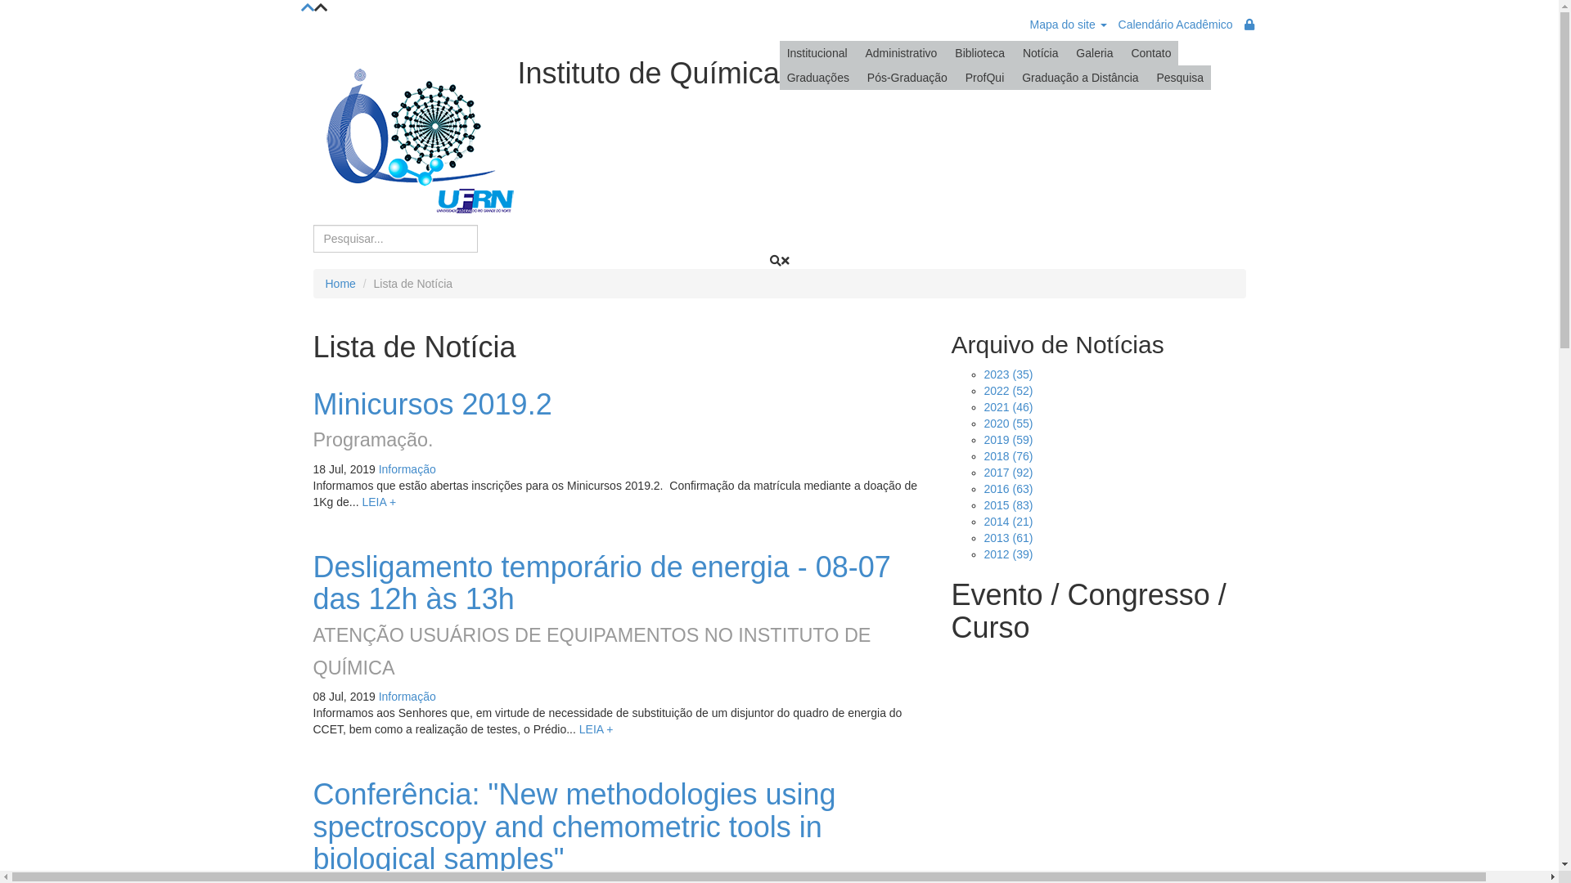 The height and width of the screenshot is (883, 1571). I want to click on '2020 (55)', so click(982, 422).